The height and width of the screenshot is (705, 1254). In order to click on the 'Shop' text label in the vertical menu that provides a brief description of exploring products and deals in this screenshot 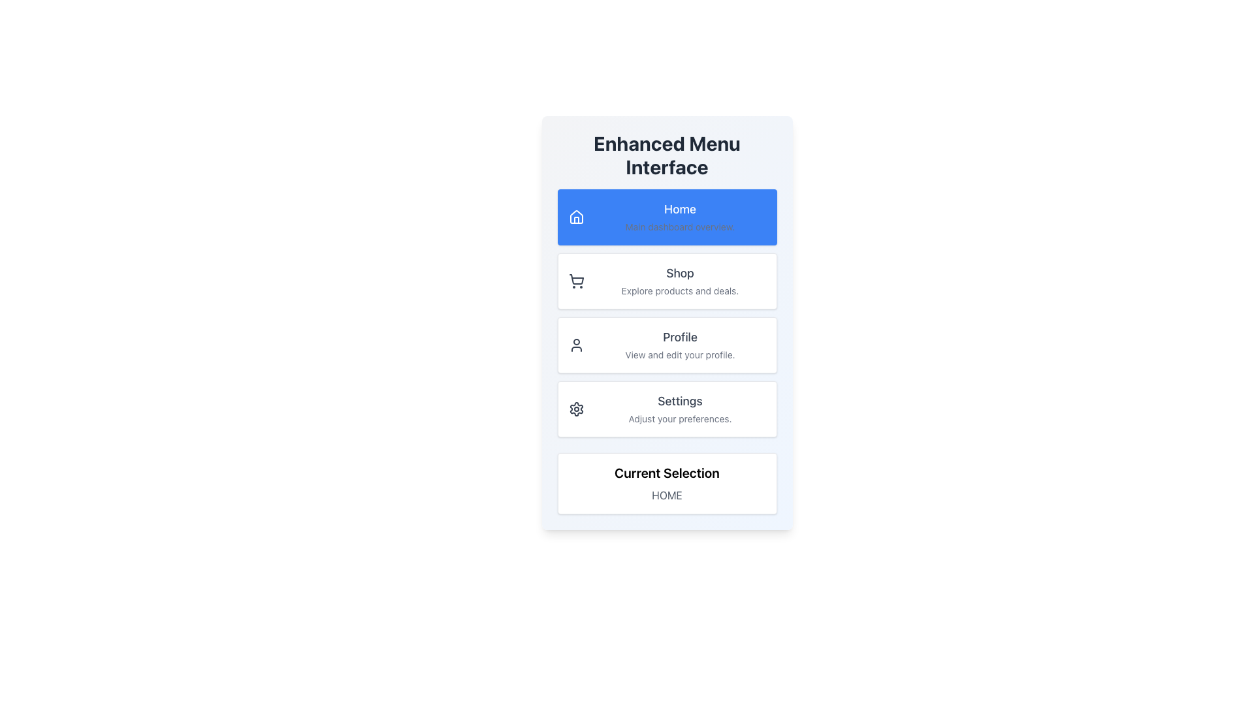, I will do `click(679, 281)`.